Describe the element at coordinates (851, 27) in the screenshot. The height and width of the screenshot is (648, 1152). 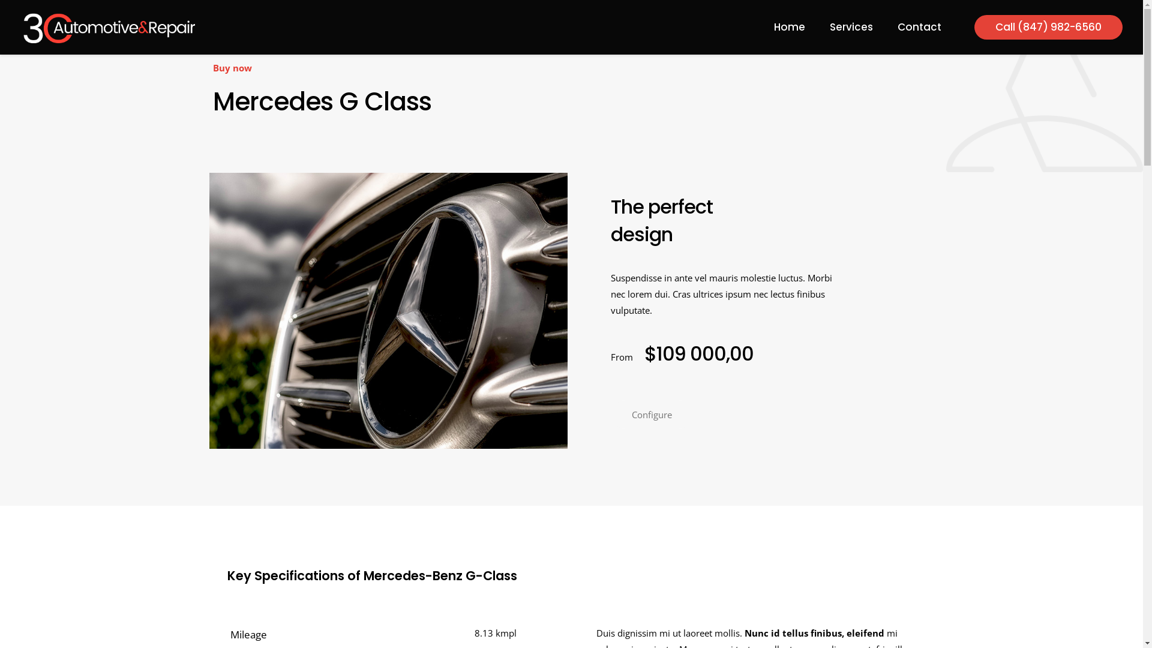
I see `'Services'` at that location.